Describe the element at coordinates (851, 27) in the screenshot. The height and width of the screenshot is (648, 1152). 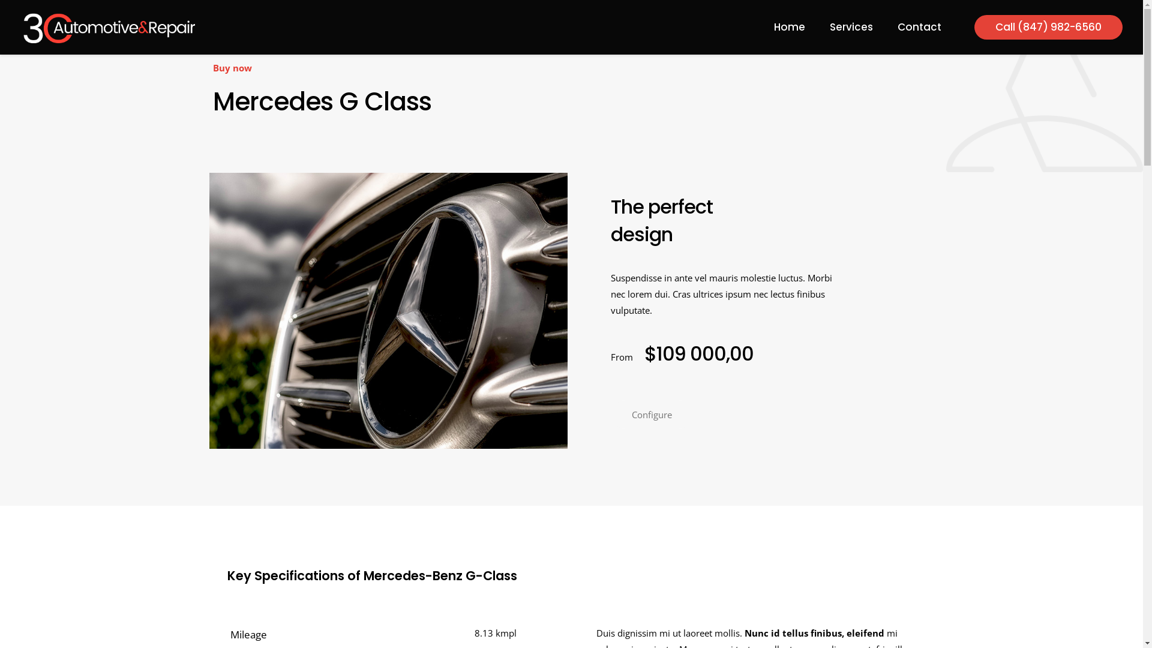
I see `'Services'` at that location.